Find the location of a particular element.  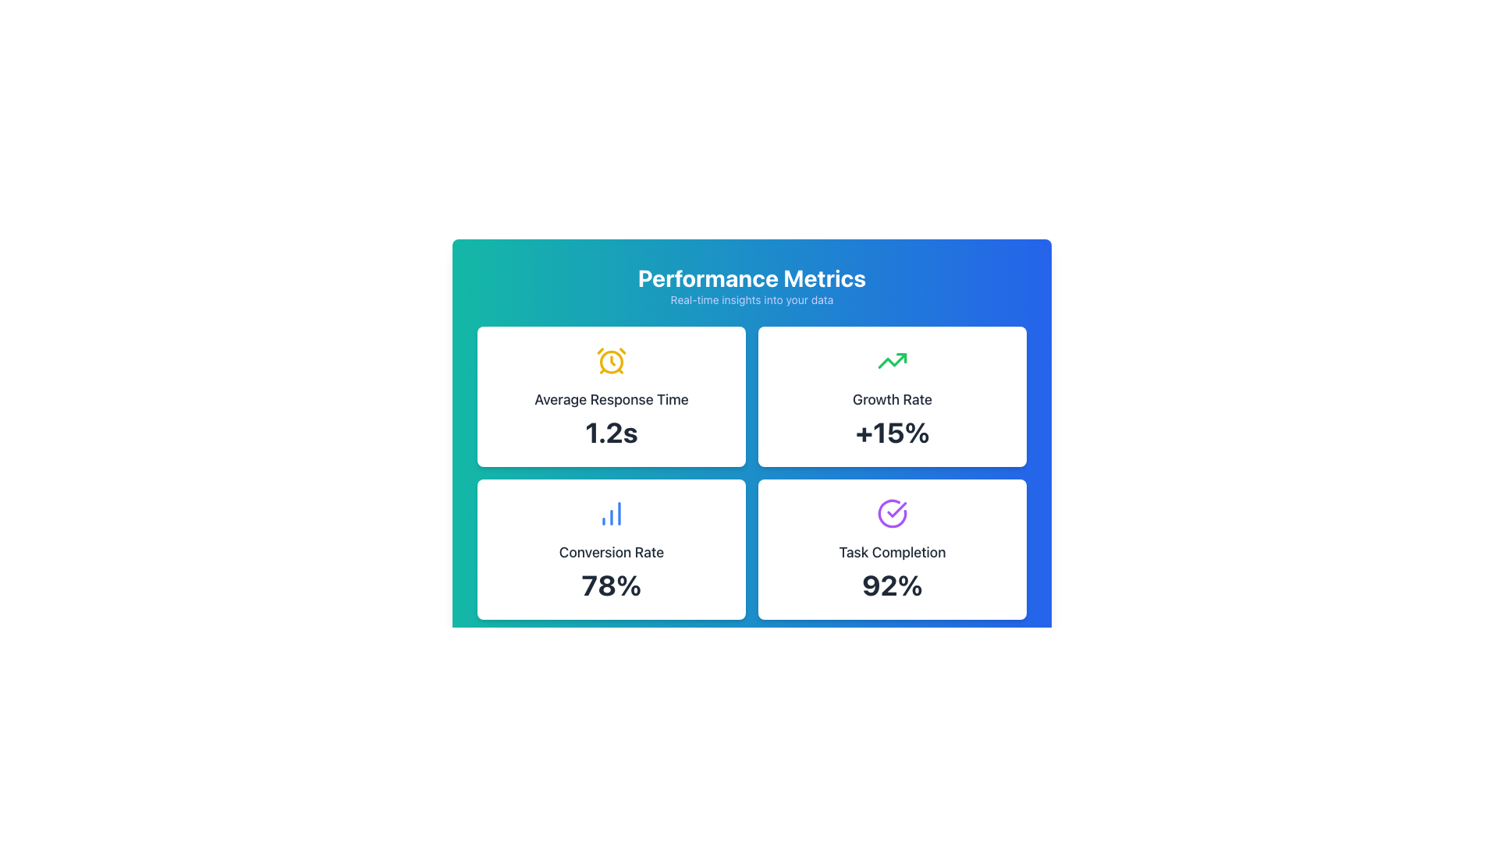

circular purple checkmark icon located at the top-center of the 'Task Completion' card, which is positioned in the lower-right quadrant of the dashboard is located at coordinates (892, 514).